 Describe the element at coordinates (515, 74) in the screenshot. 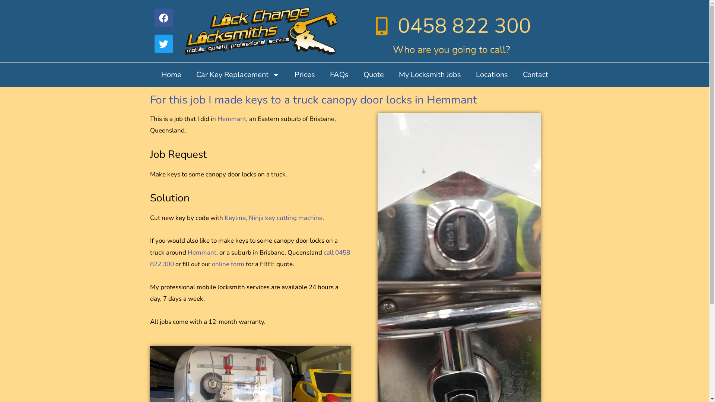

I see `'Contact'` at that location.